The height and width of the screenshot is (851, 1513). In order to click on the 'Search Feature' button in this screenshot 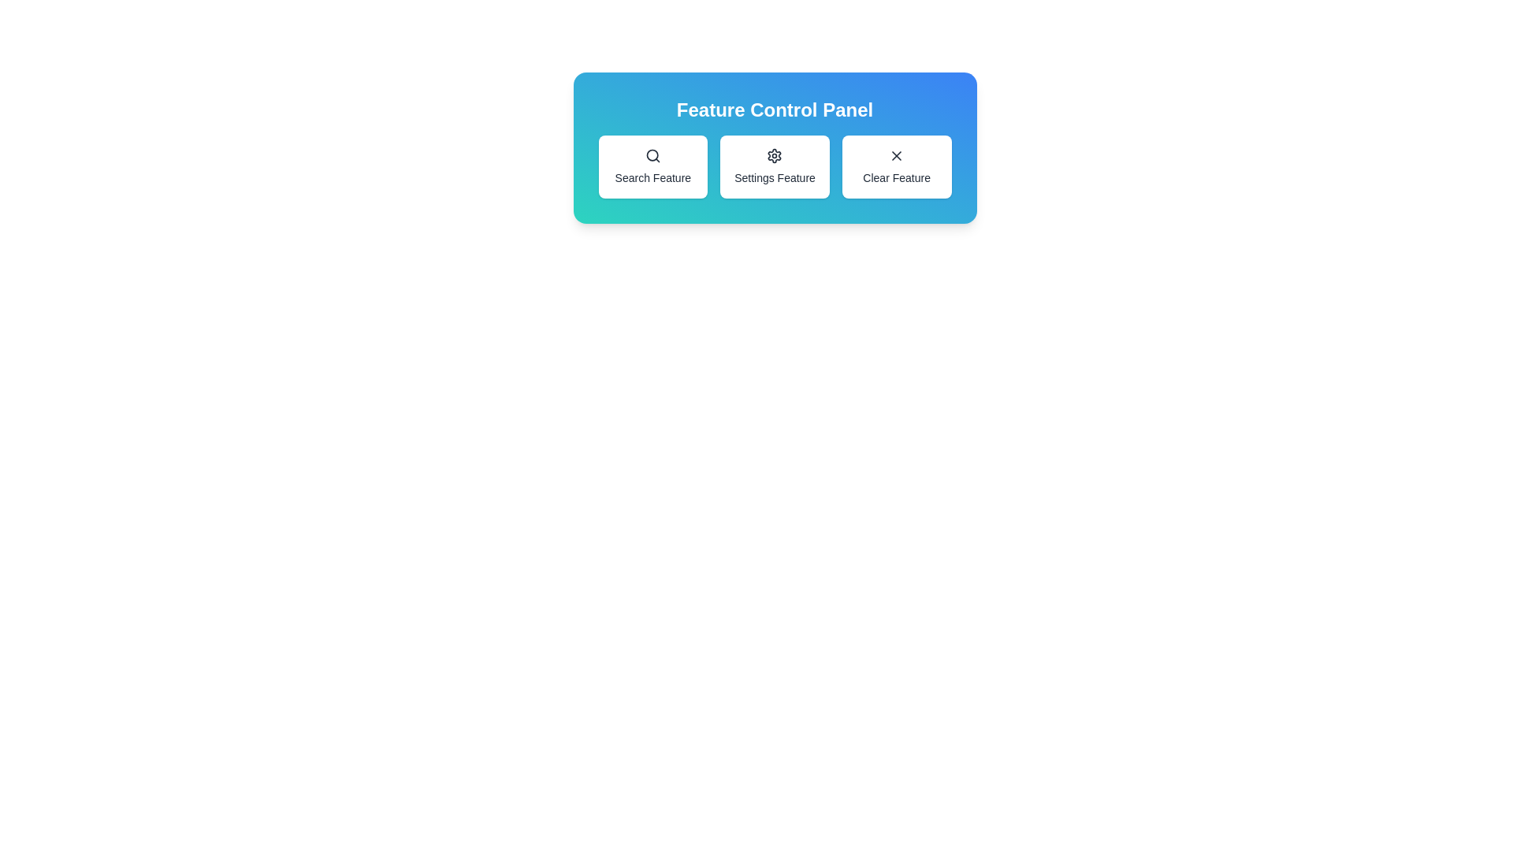, I will do `click(652, 167)`.